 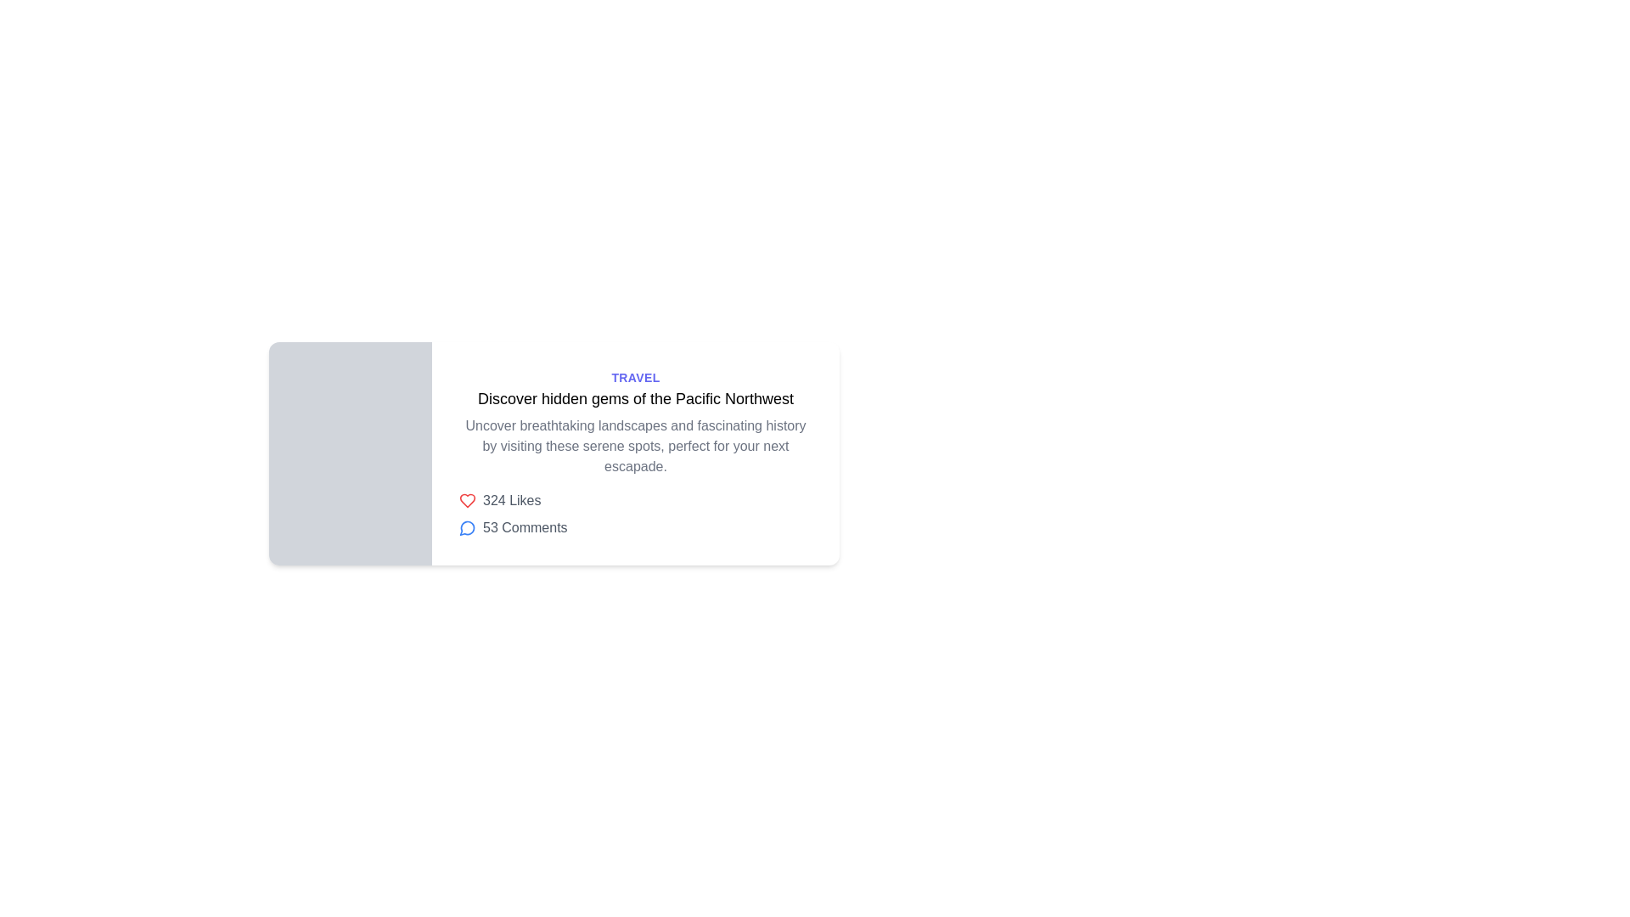 What do you see at coordinates (634, 399) in the screenshot?
I see `the hyperlink styled with a bold font displaying 'Discover hidden gems of the Pacific Northwest'` at bounding box center [634, 399].